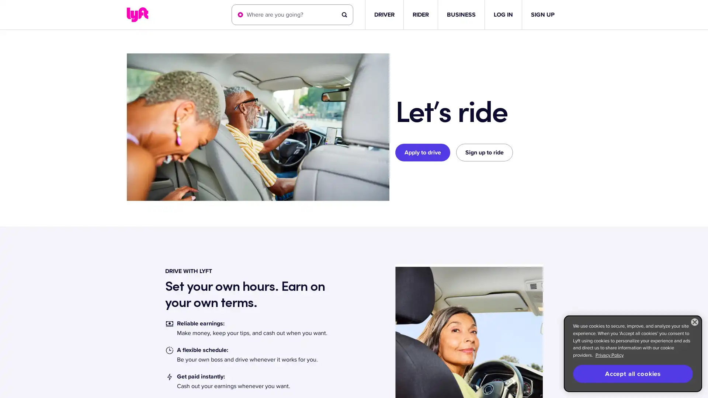 The image size is (708, 398). I want to click on Home link, so click(137, 14).